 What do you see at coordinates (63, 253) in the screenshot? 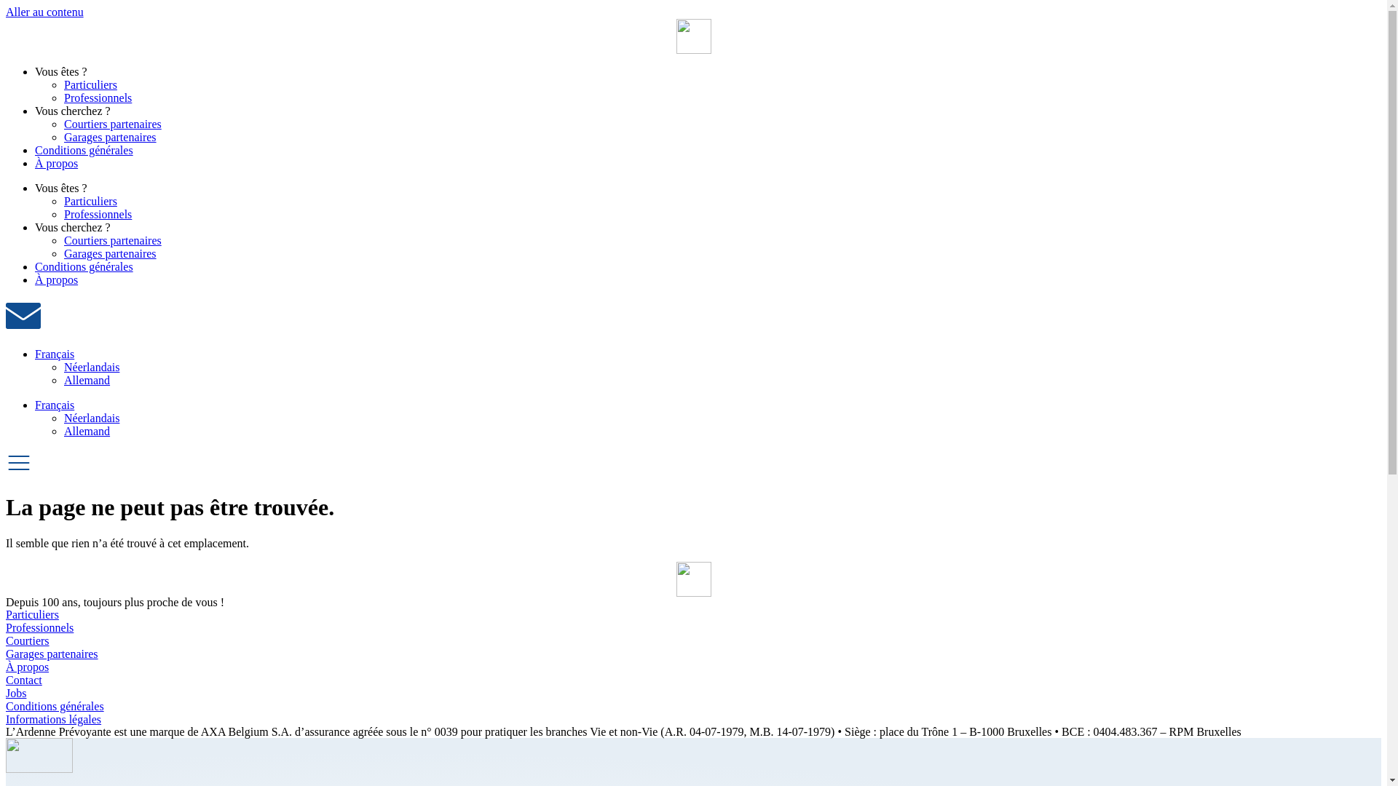
I see `'Garages partenaires'` at bounding box center [63, 253].